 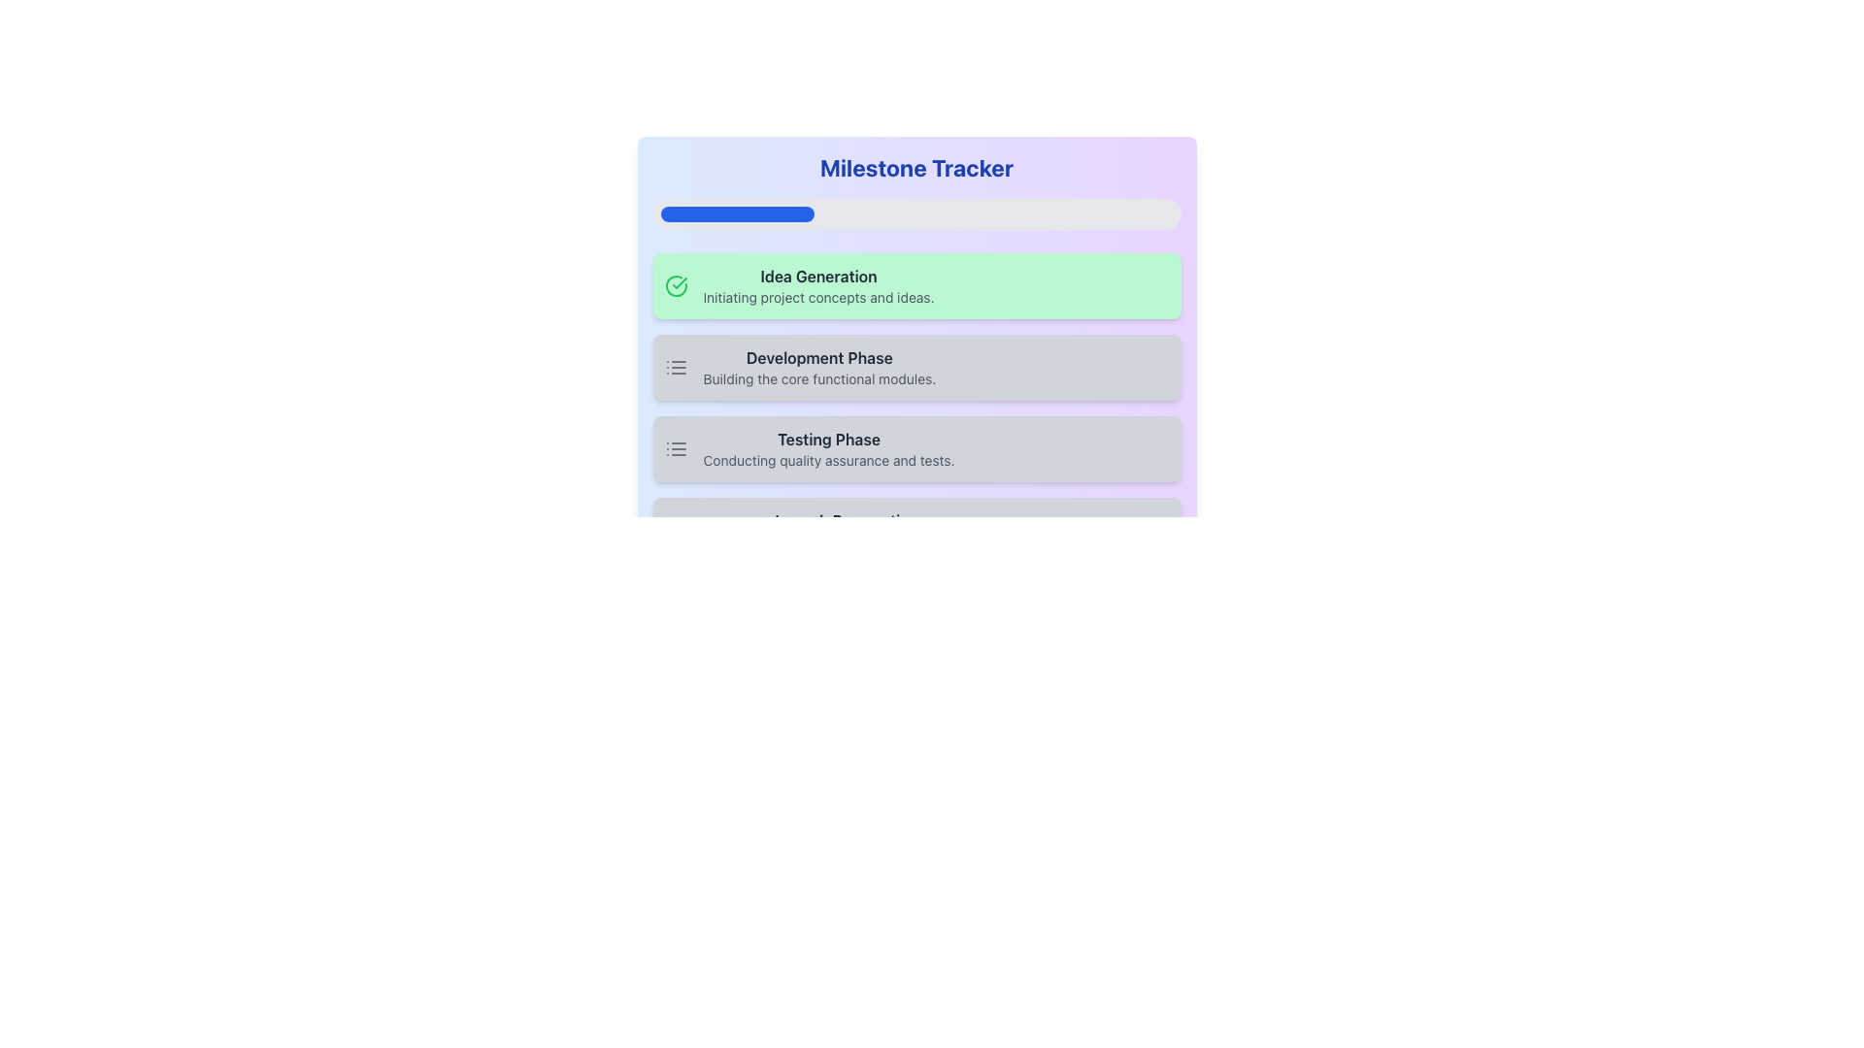 What do you see at coordinates (848, 213) in the screenshot?
I see `the progress bar` at bounding box center [848, 213].